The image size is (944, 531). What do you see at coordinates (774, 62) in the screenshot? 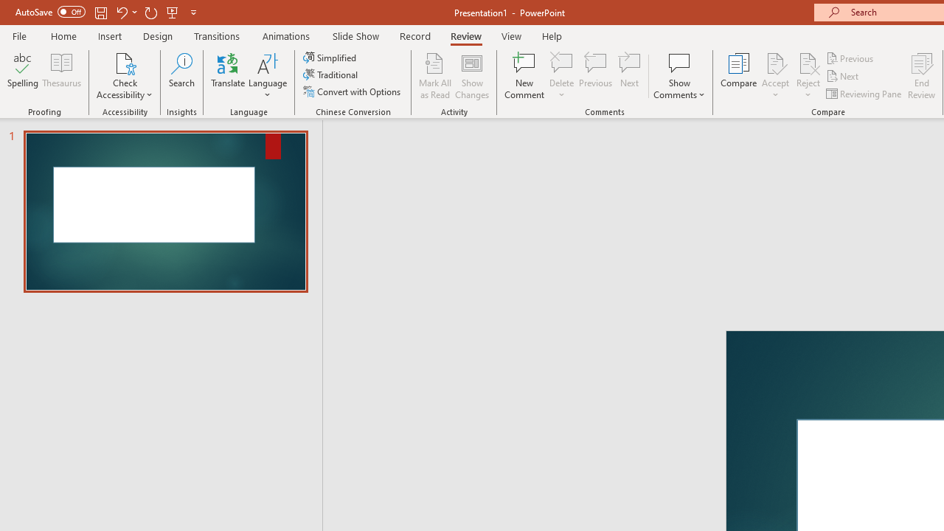
I see `'Accept Change'` at bounding box center [774, 62].